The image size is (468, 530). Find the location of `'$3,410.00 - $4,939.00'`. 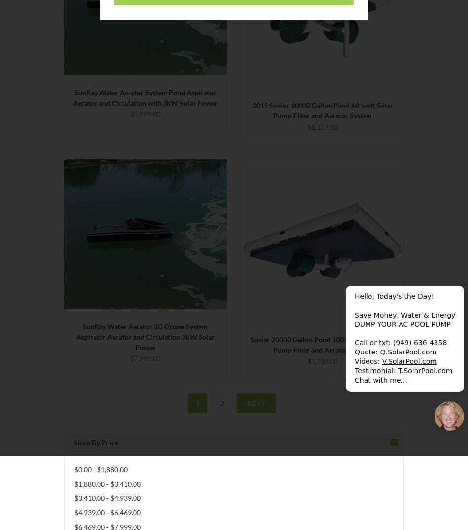

'$3,410.00 - $4,939.00' is located at coordinates (74, 497).